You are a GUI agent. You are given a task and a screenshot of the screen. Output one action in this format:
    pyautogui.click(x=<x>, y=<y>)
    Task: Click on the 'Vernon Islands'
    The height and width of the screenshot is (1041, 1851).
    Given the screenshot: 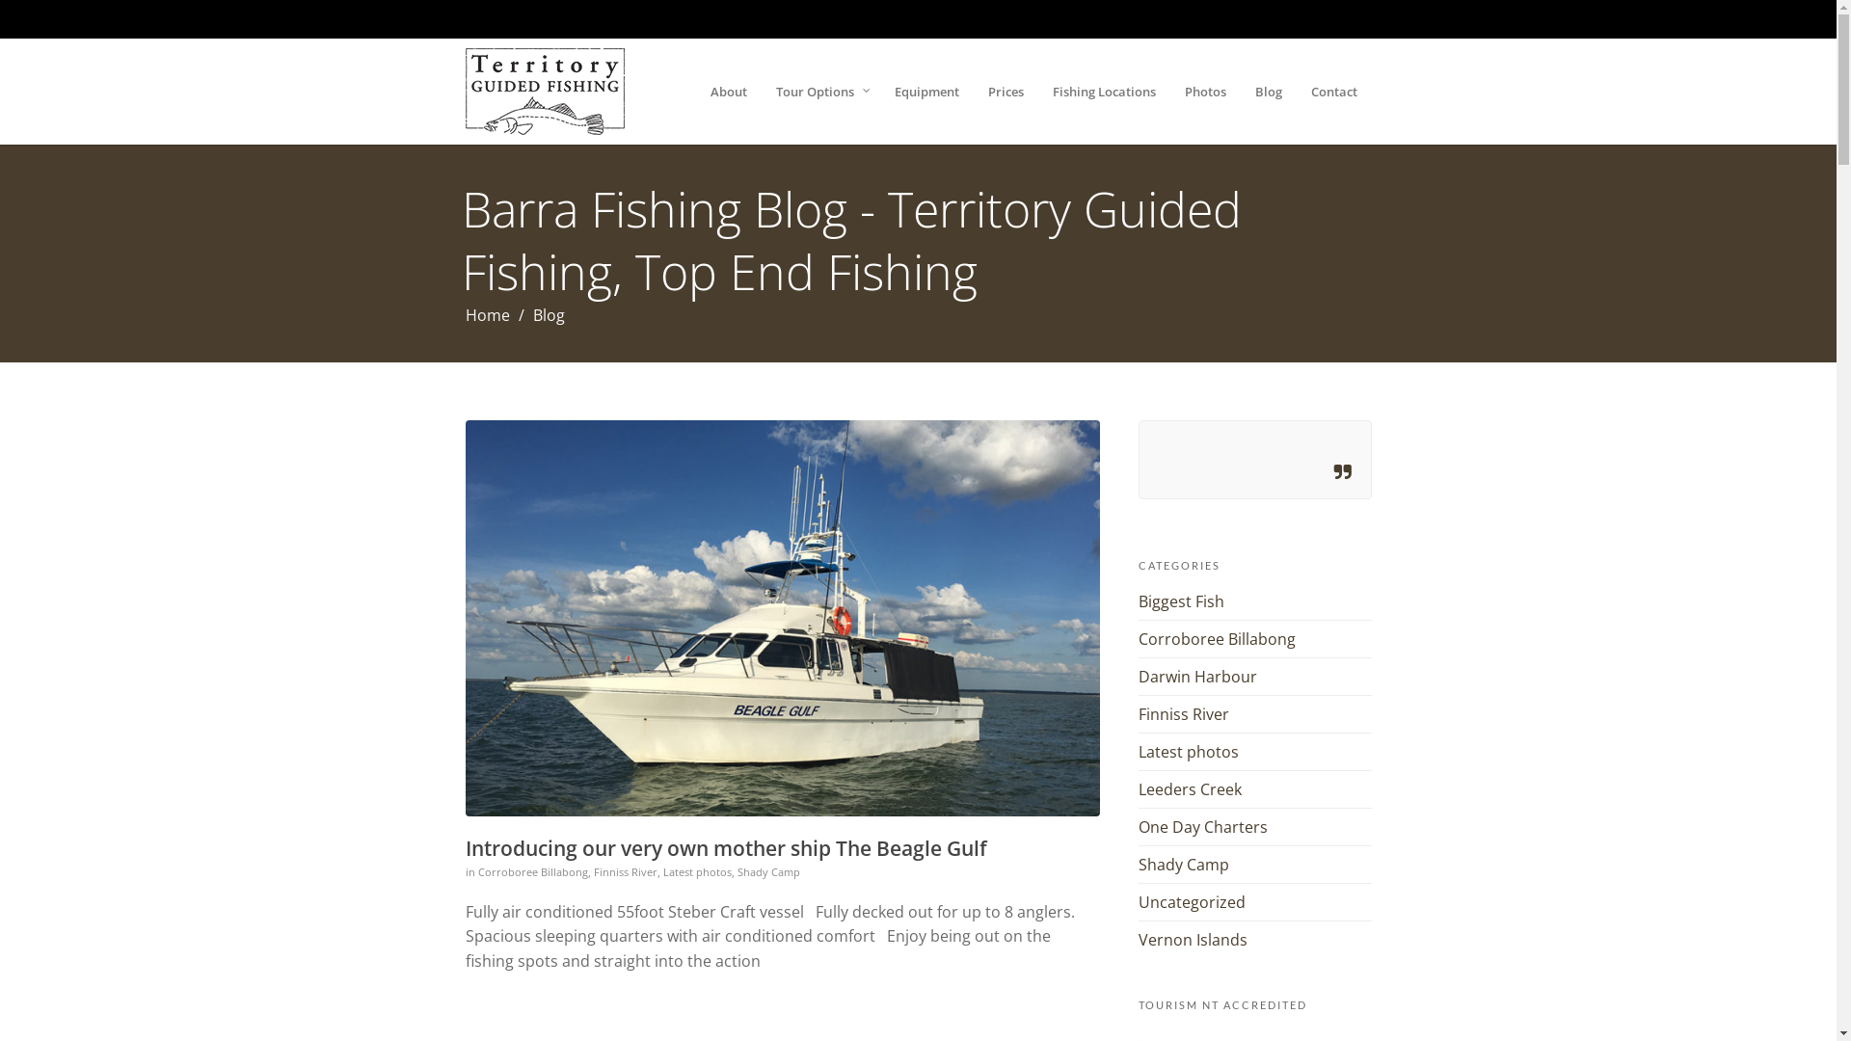 What is the action you would take?
    pyautogui.click(x=1191, y=939)
    